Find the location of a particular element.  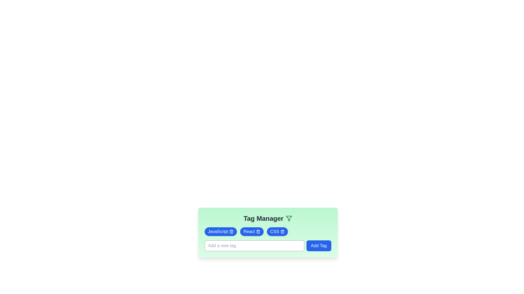

the 'JavaScript' tag label in the tag management system is located at coordinates (218, 232).